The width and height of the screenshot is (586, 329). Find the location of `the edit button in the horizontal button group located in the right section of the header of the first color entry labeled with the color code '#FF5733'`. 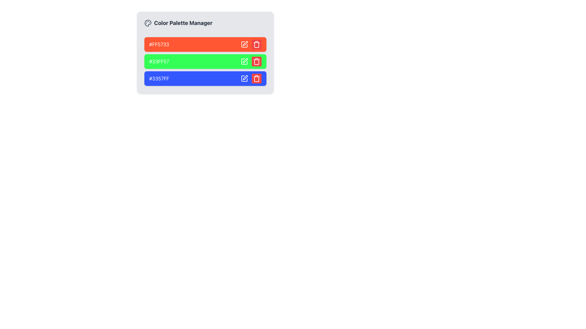

the edit button in the horizontal button group located in the right section of the header of the first color entry labeled with the color code '#FF5733' is located at coordinates (250, 44).